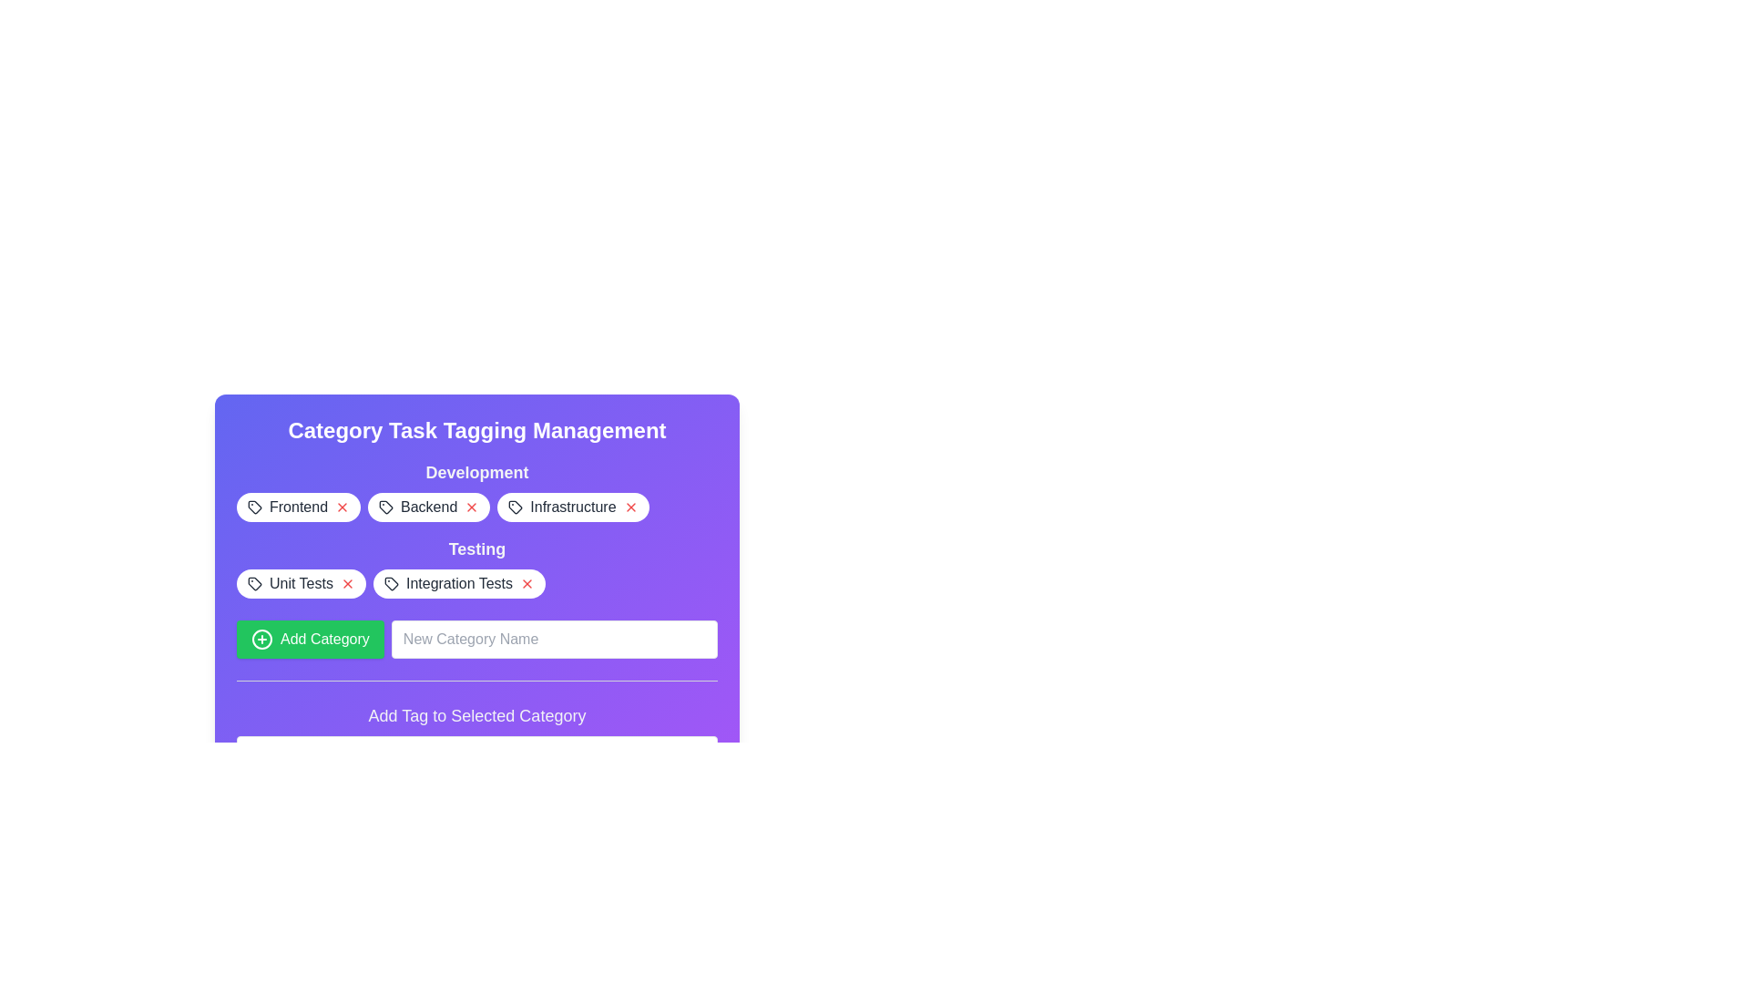 This screenshot has height=984, width=1749. Describe the element at coordinates (253, 507) in the screenshot. I see `the vector icon resembling a tag, which is part of the 'Frontend' label in the 'Category Task Tagging Management' interface` at that location.